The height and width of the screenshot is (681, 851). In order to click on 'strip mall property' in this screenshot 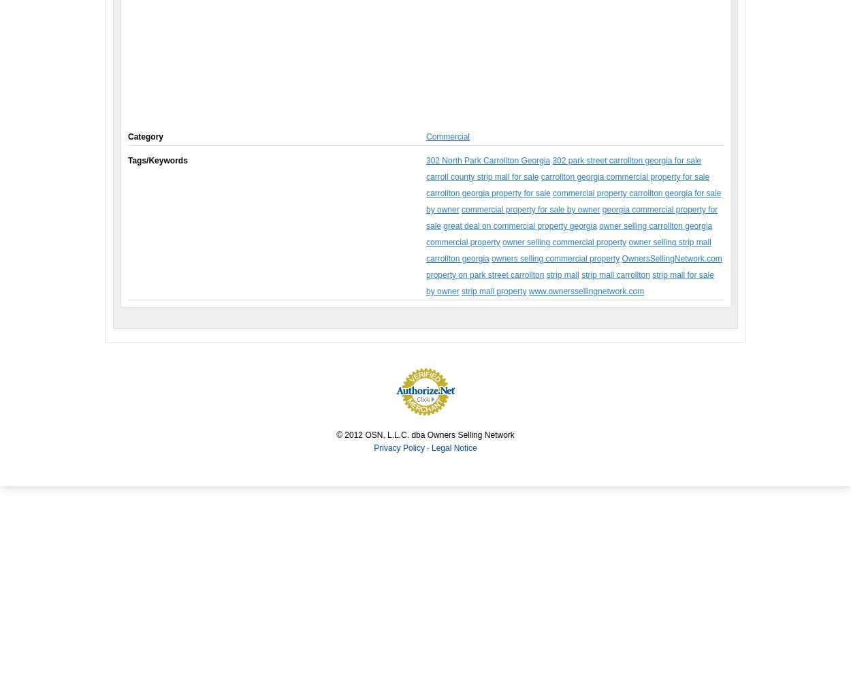, I will do `click(493, 291)`.